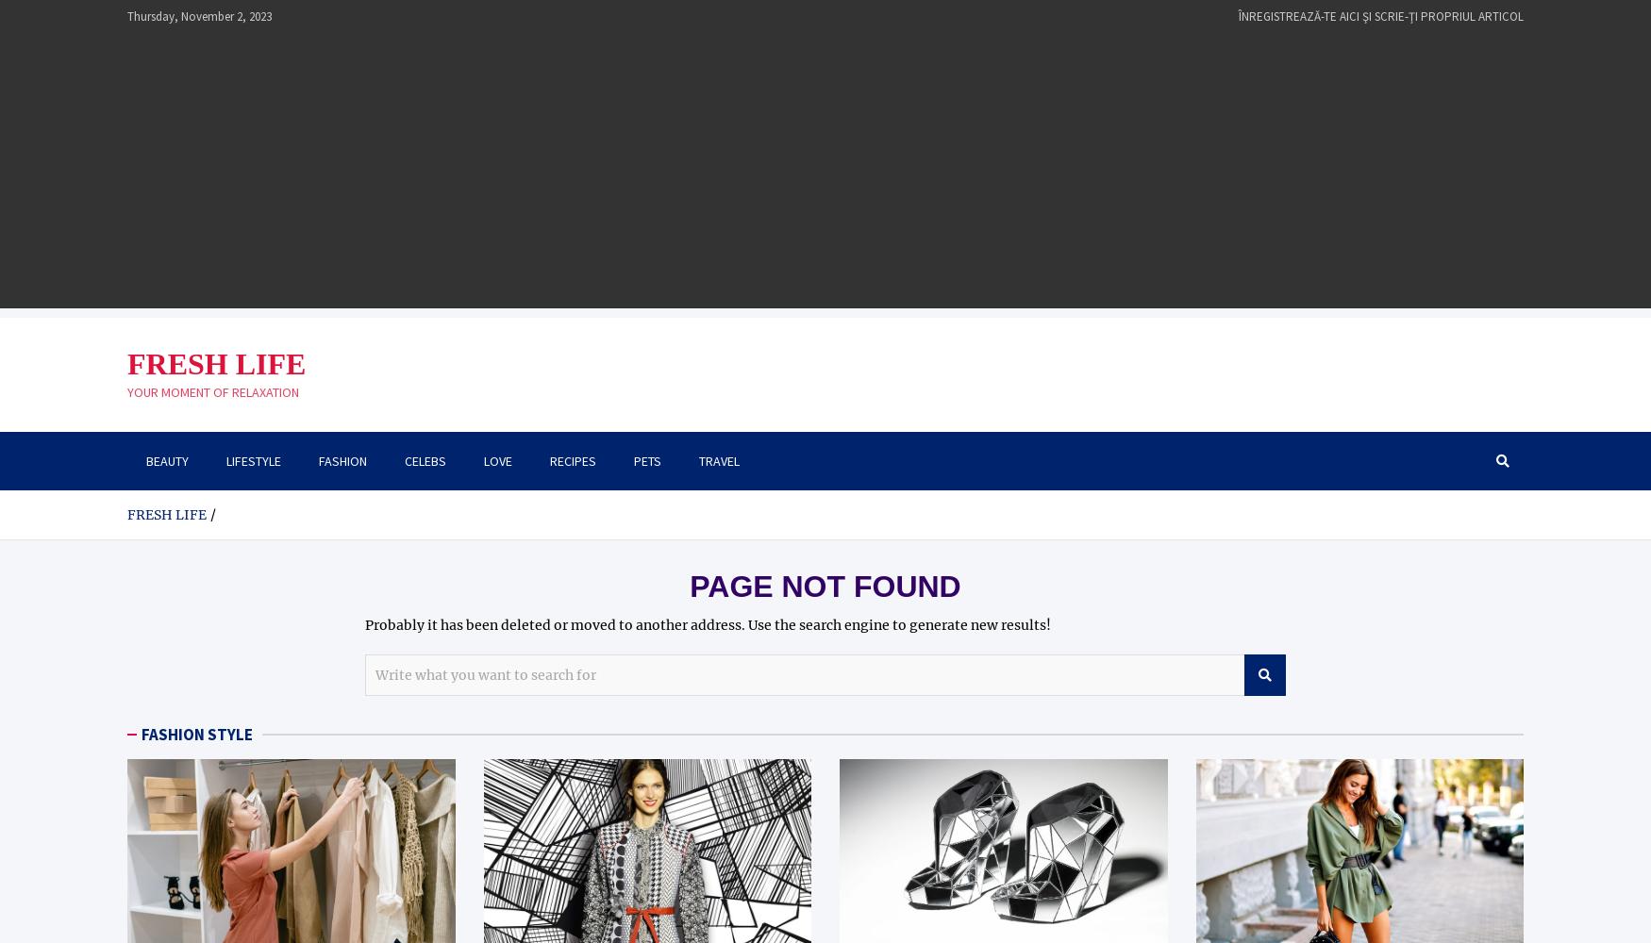  I want to click on 'ÎNREGISTREAZĂ-TE AICI ŞI SCRIE-ŢI PROPRIUL ARTICOL', so click(1381, 16).